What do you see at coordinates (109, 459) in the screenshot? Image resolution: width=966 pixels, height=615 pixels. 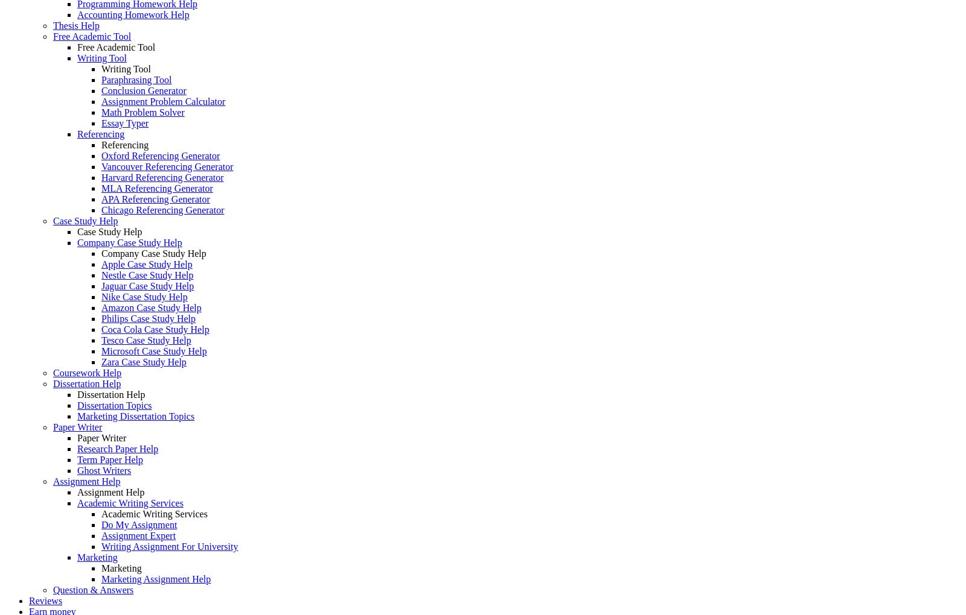 I see `'Term Paper Help'` at bounding box center [109, 459].